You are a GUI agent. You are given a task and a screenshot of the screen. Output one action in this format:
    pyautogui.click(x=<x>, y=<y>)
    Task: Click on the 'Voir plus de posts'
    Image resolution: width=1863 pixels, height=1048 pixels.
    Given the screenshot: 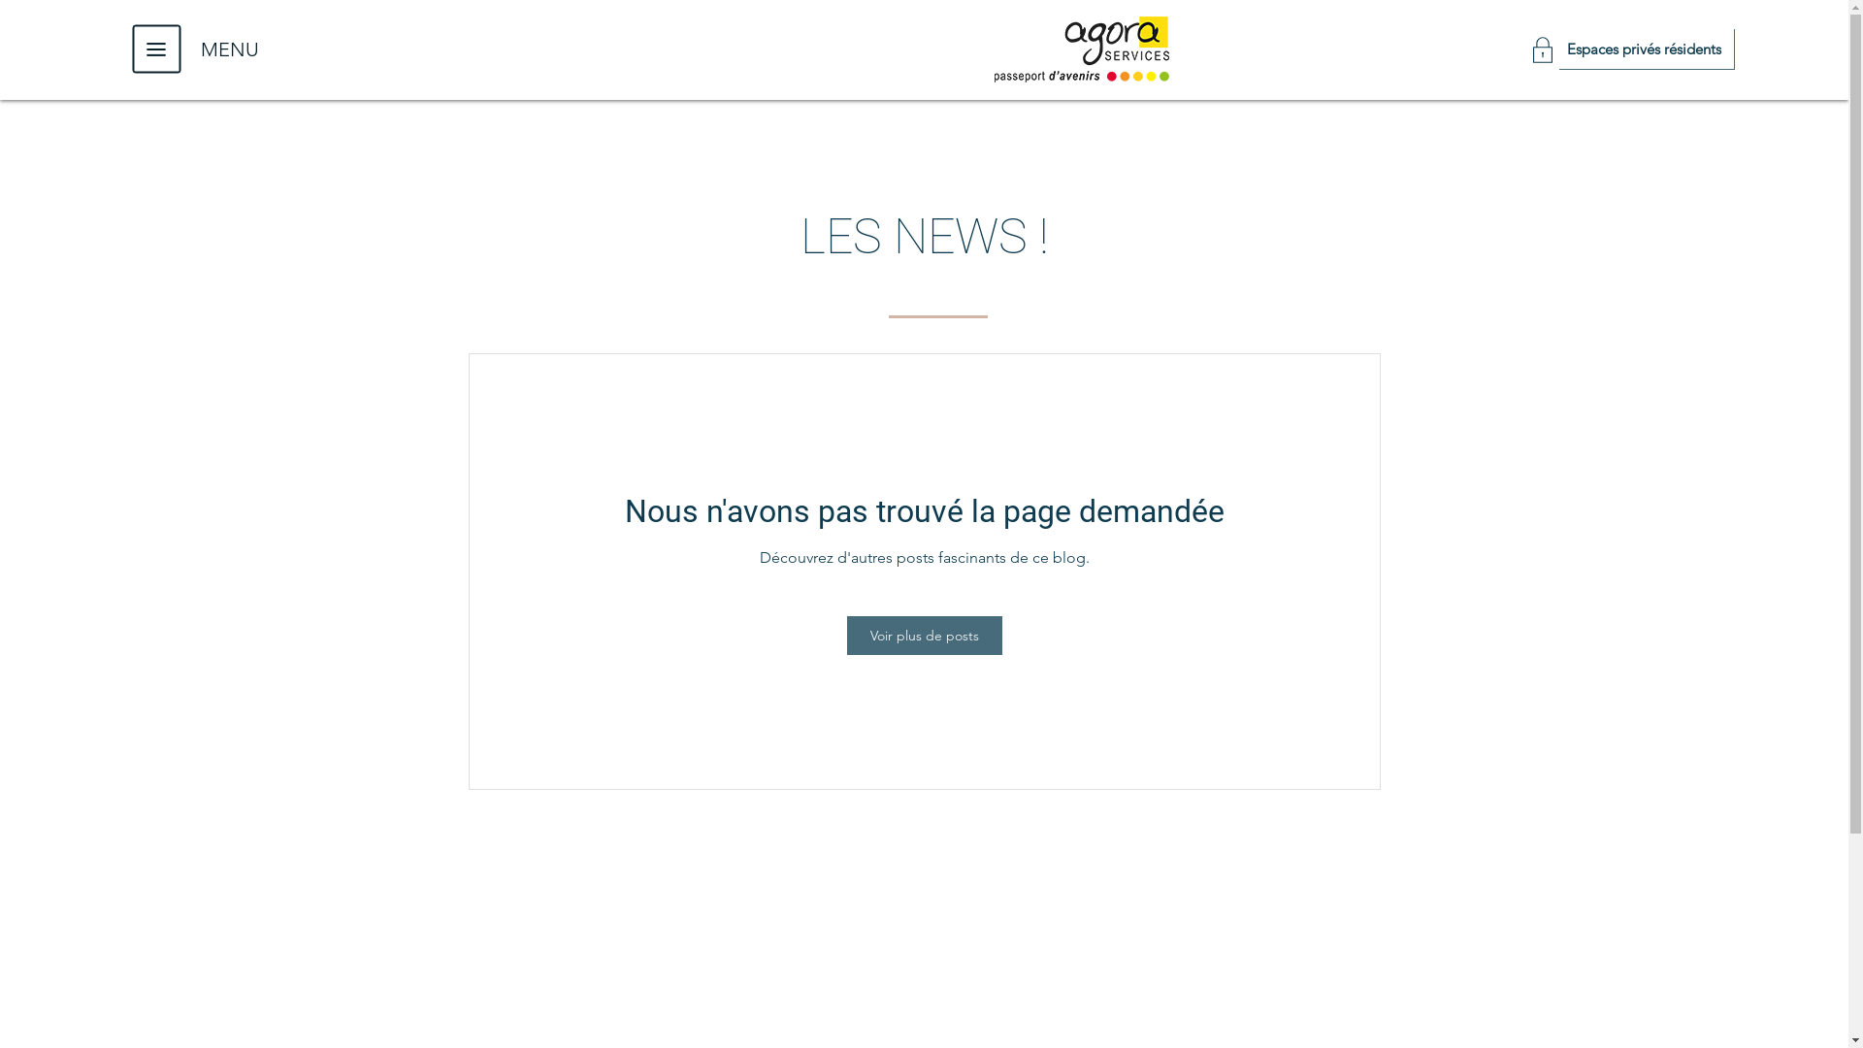 What is the action you would take?
    pyautogui.click(x=922, y=636)
    